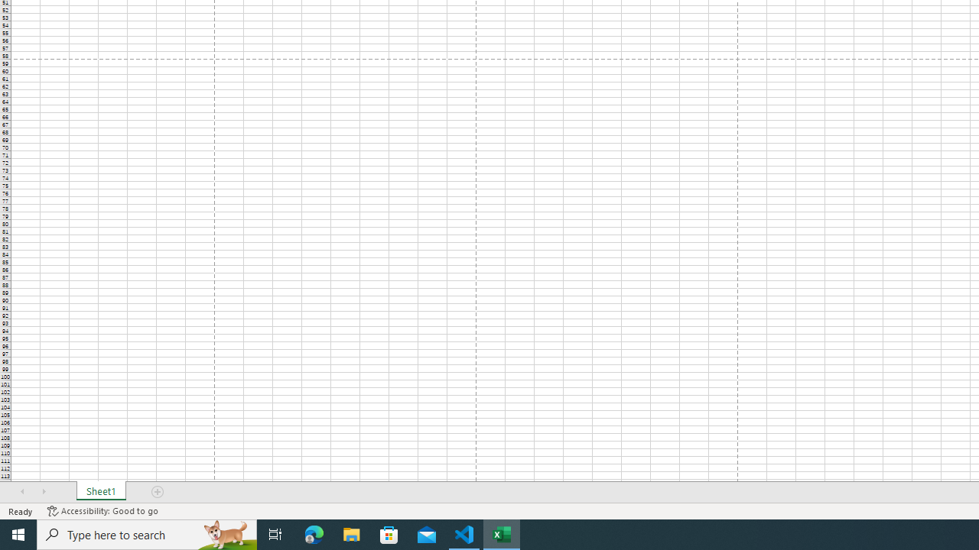 The height and width of the screenshot is (550, 979). What do you see at coordinates (102, 511) in the screenshot?
I see `'Accessibility Checker Accessibility: Good to go'` at bounding box center [102, 511].